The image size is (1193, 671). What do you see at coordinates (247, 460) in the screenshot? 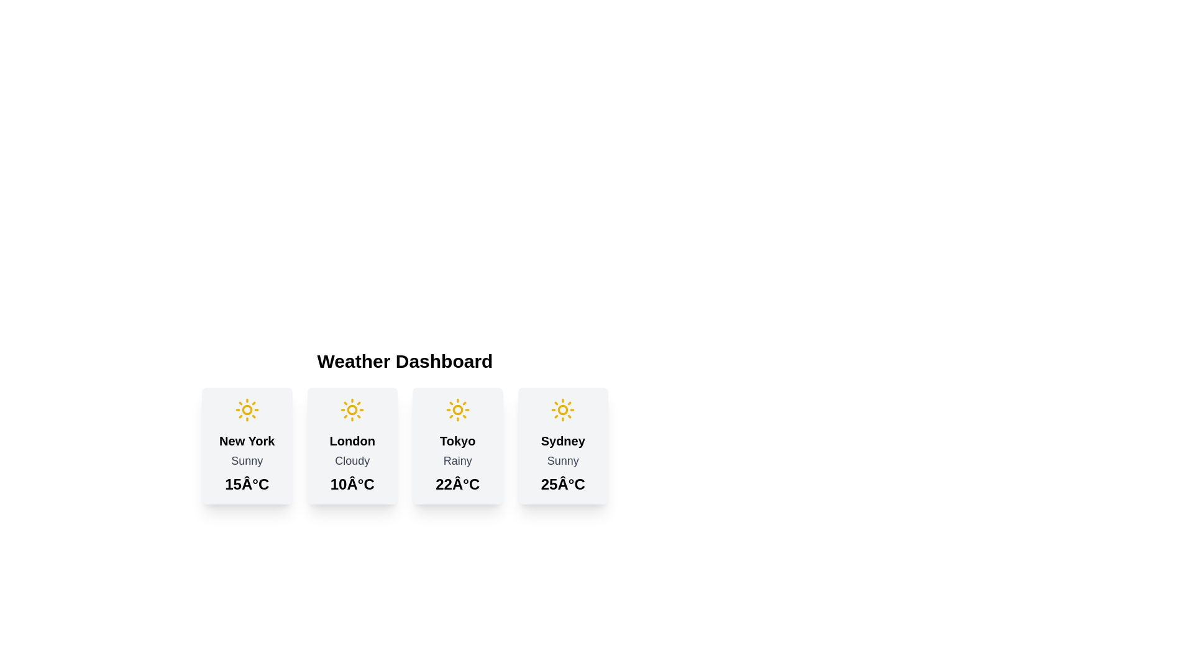
I see `the static text element that describes the weather condition for New York, which is located below the 'New York' heading and above the '15°C' temperature label within the weather card` at bounding box center [247, 460].